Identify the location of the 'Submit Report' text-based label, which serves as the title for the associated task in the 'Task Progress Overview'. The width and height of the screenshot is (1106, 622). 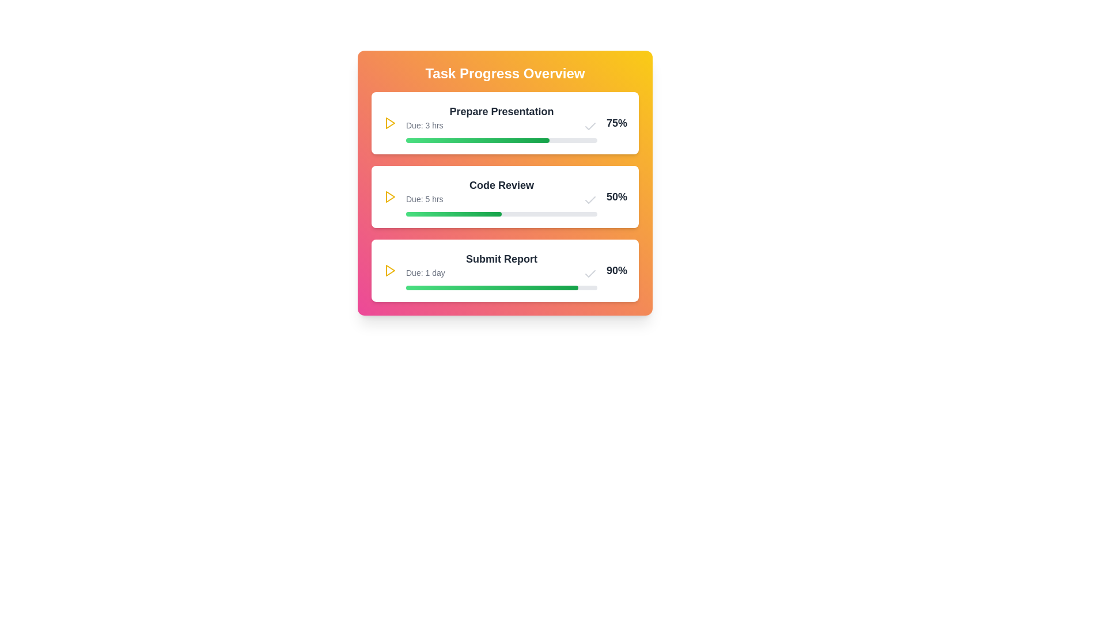
(501, 259).